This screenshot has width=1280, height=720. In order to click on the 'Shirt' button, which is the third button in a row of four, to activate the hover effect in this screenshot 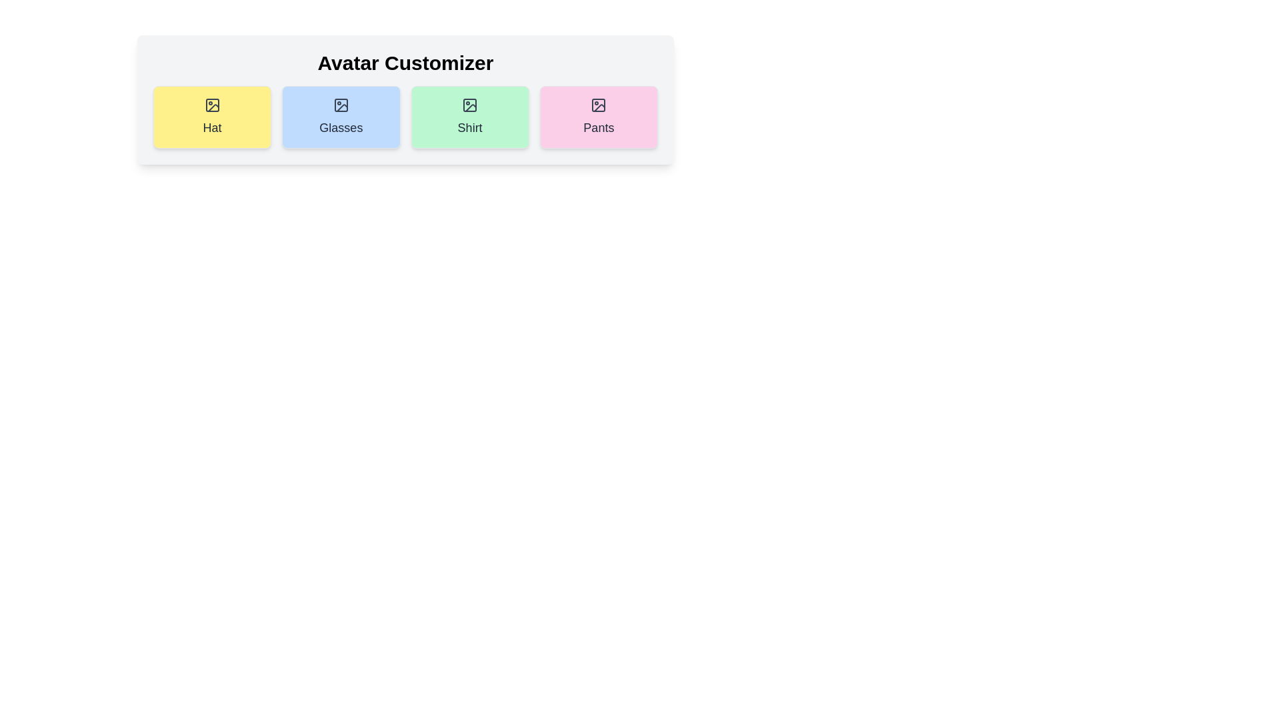, I will do `click(470, 117)`.